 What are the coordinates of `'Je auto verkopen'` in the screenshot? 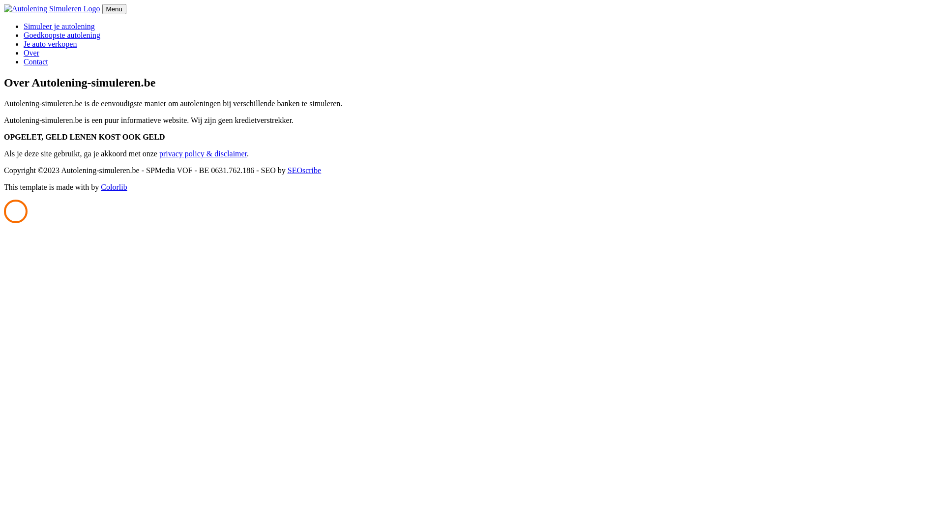 It's located at (49, 43).